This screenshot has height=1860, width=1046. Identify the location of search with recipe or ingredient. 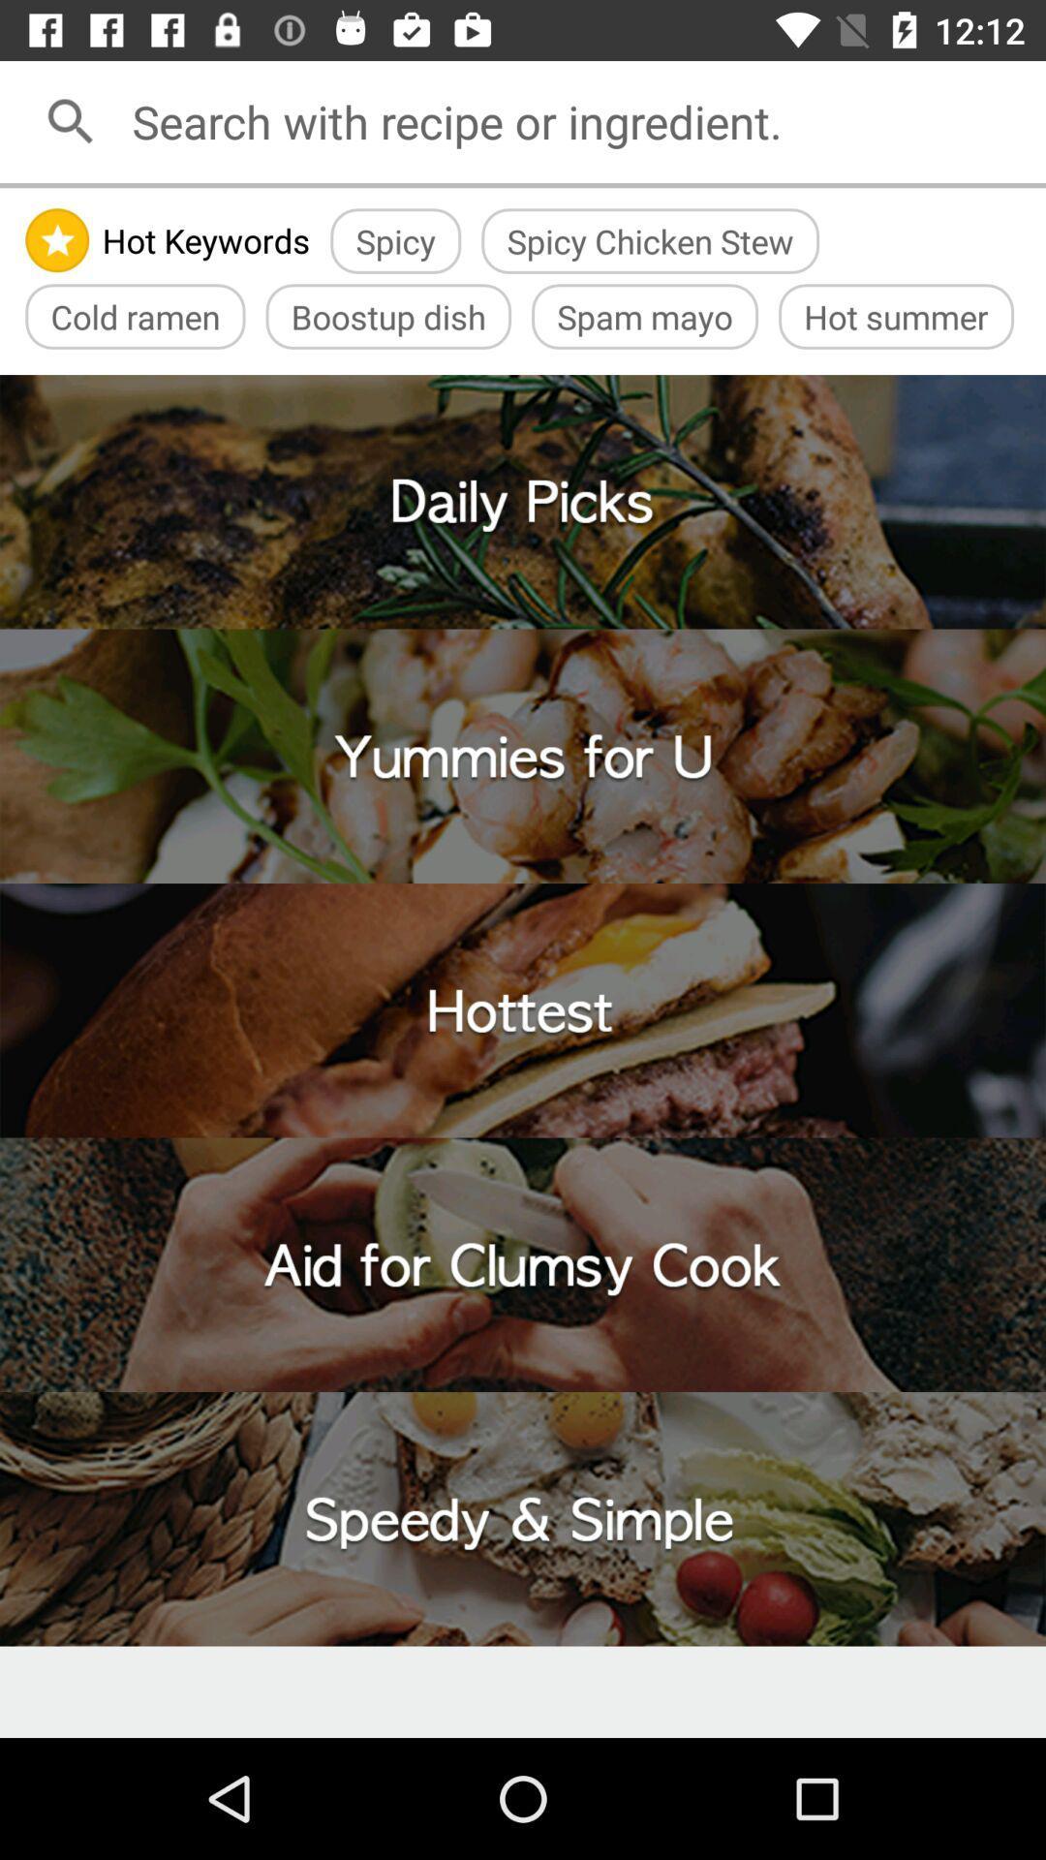
(581, 120).